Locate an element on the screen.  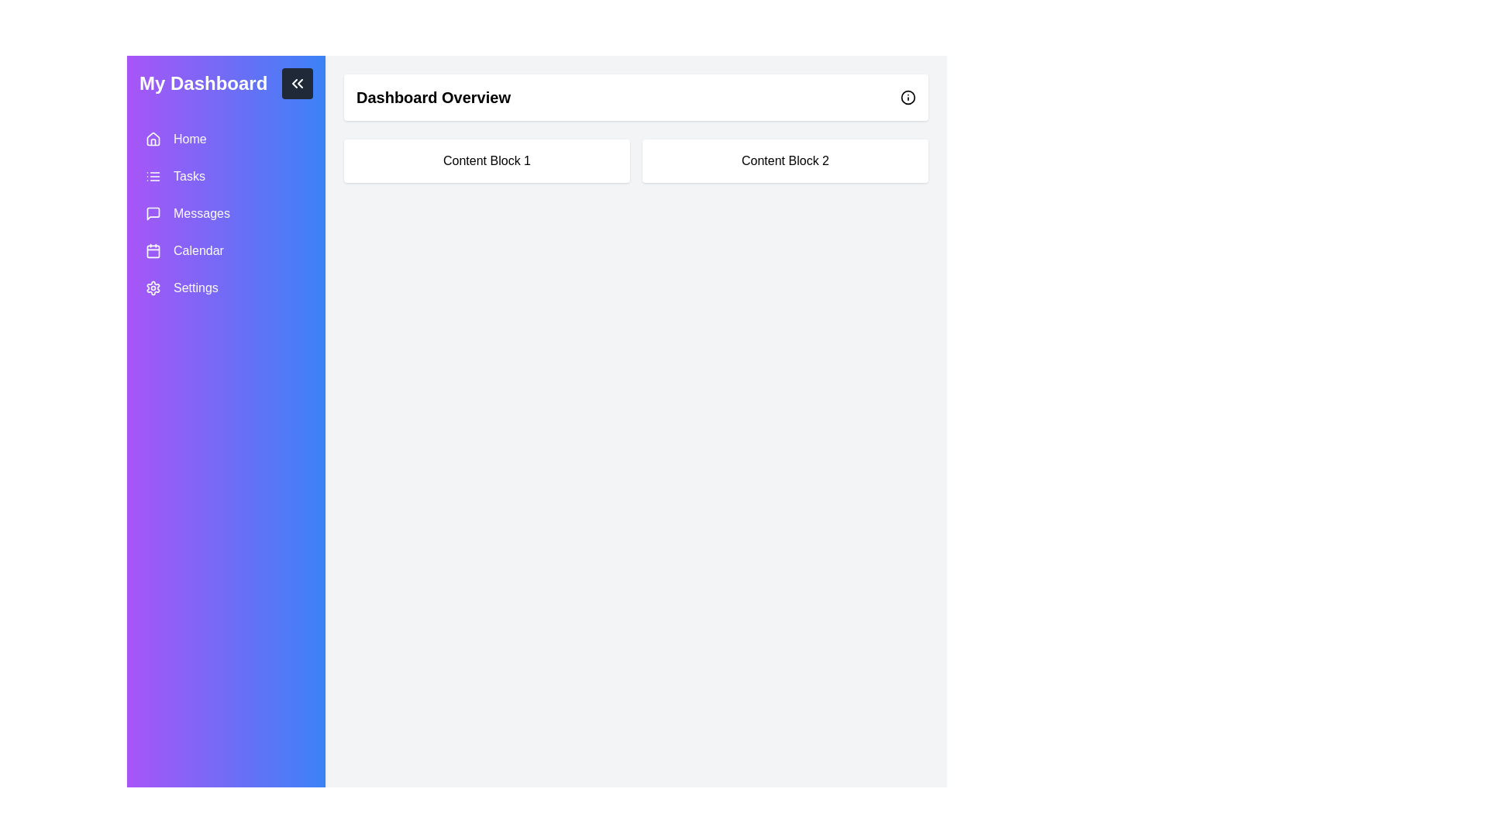
the SVG icon located in the left sidebar navigation panel, adjacent to the 'Tasks' label is located at coordinates (153, 175).